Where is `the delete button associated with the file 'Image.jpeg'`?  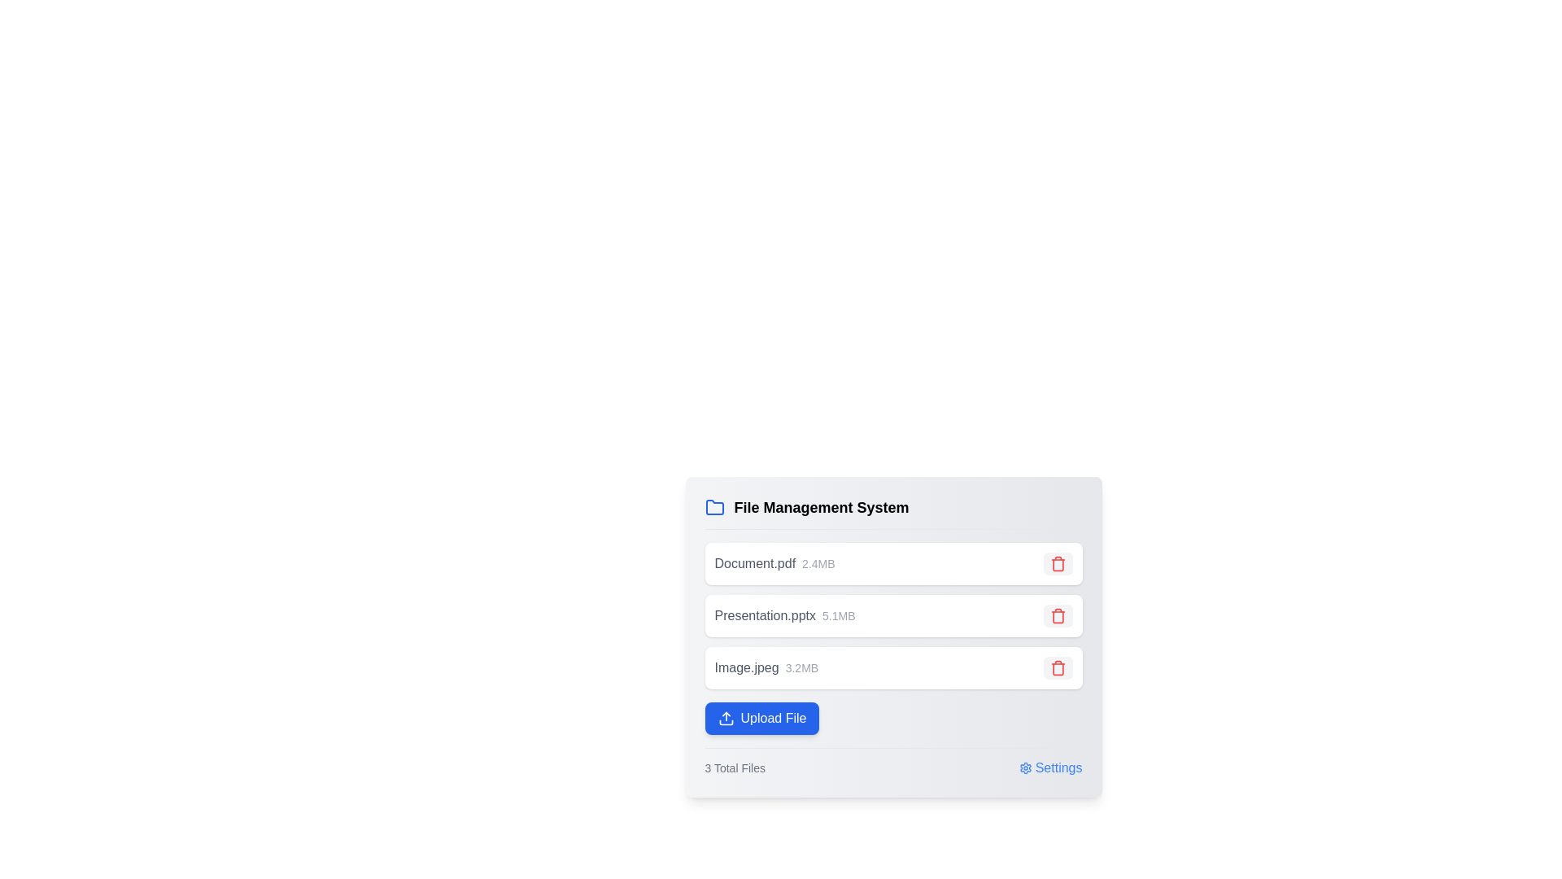
the delete button associated with the file 'Image.jpeg' is located at coordinates (1058, 668).